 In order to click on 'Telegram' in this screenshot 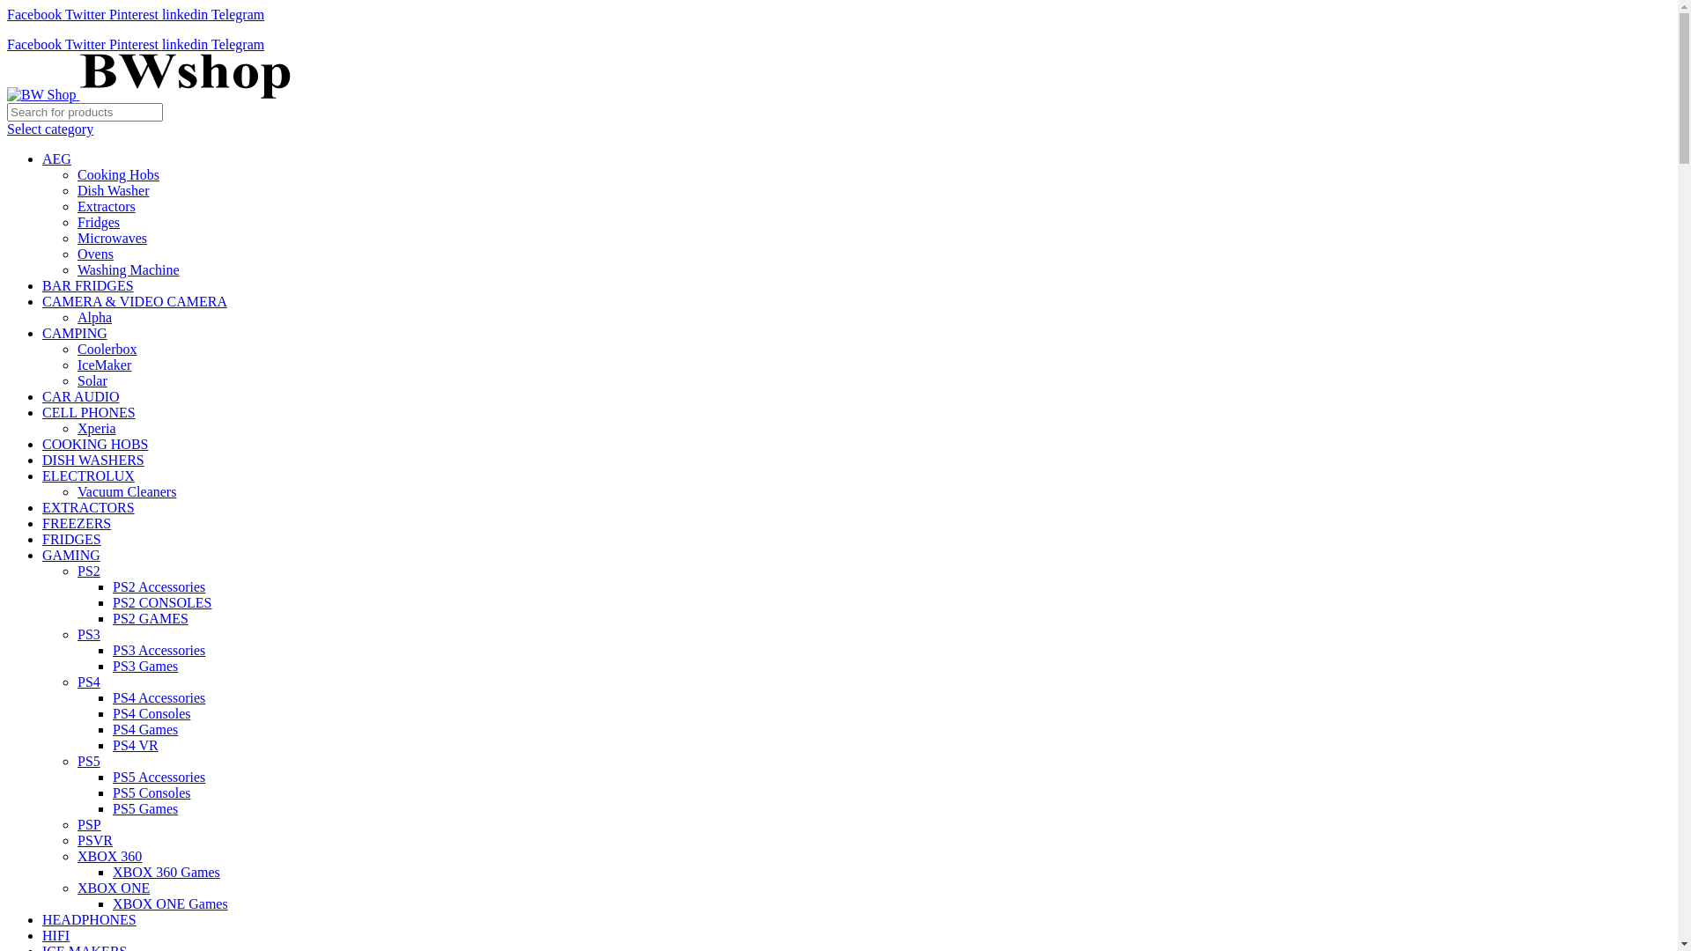, I will do `click(236, 14)`.